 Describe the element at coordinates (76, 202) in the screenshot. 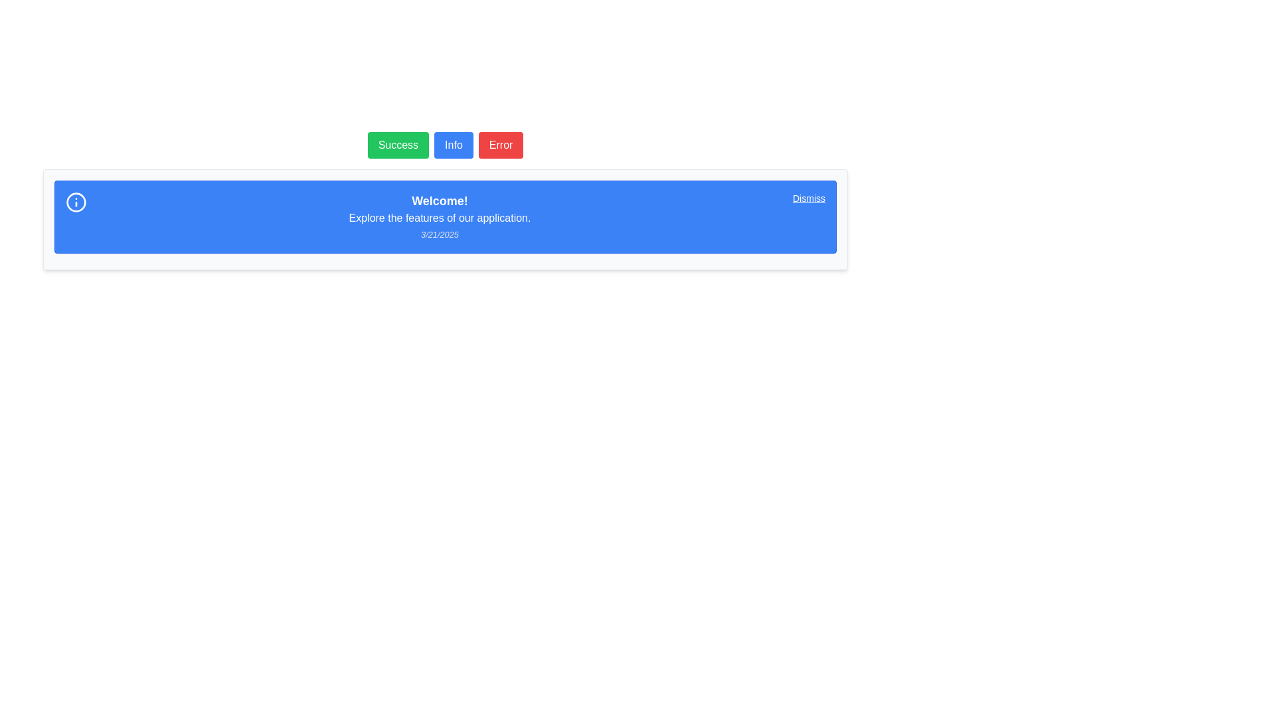

I see `the information symbol represented by the circle in the blue notification banner` at that location.